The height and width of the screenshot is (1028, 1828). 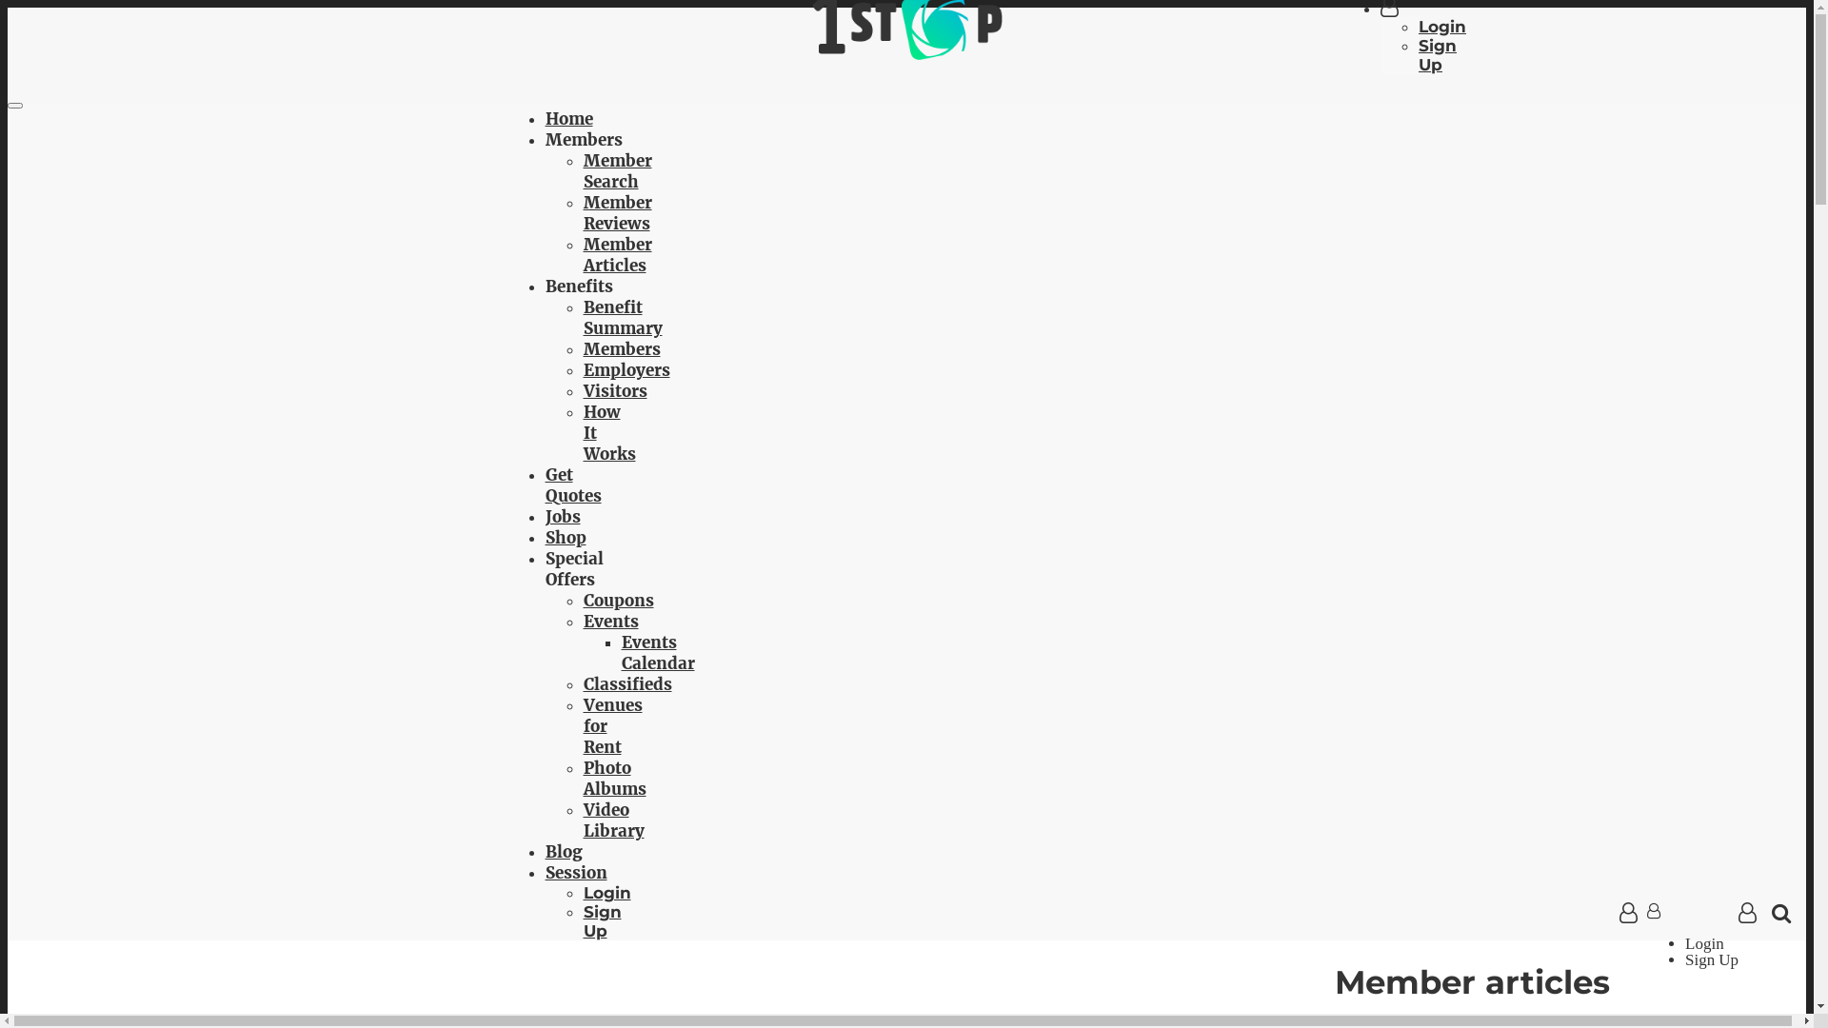 What do you see at coordinates (562, 850) in the screenshot?
I see `'Blog'` at bounding box center [562, 850].